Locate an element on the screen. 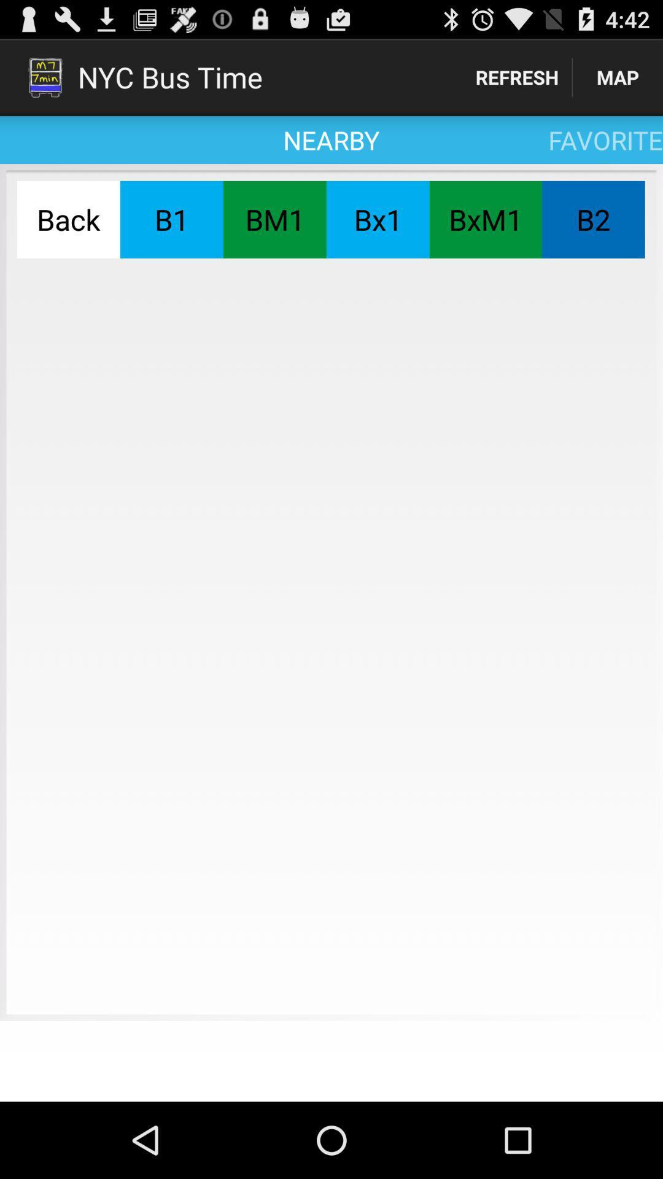  the item to the right of the bxm1 item is located at coordinates (592, 219).